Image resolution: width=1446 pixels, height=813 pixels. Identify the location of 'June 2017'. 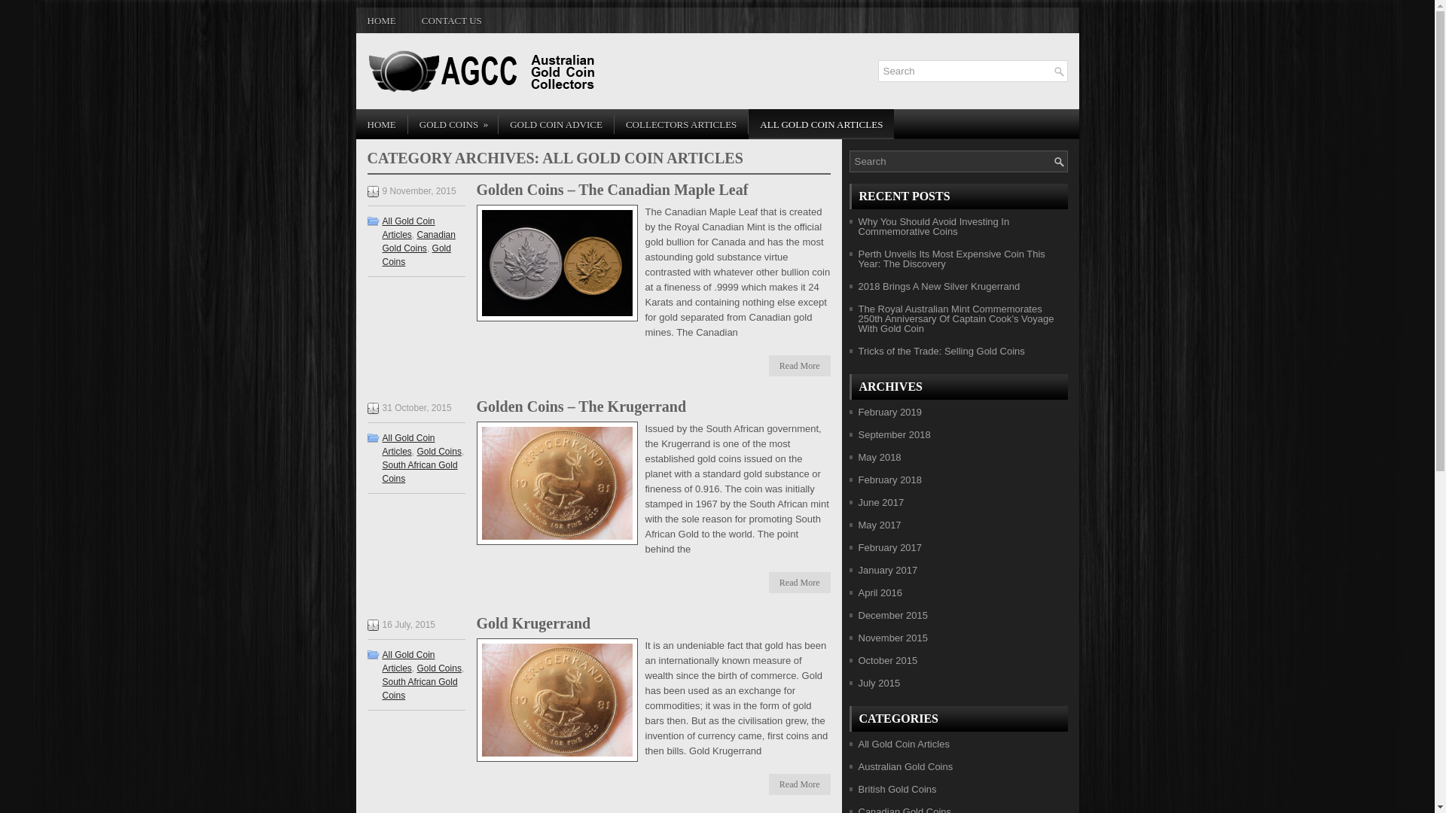
(881, 502).